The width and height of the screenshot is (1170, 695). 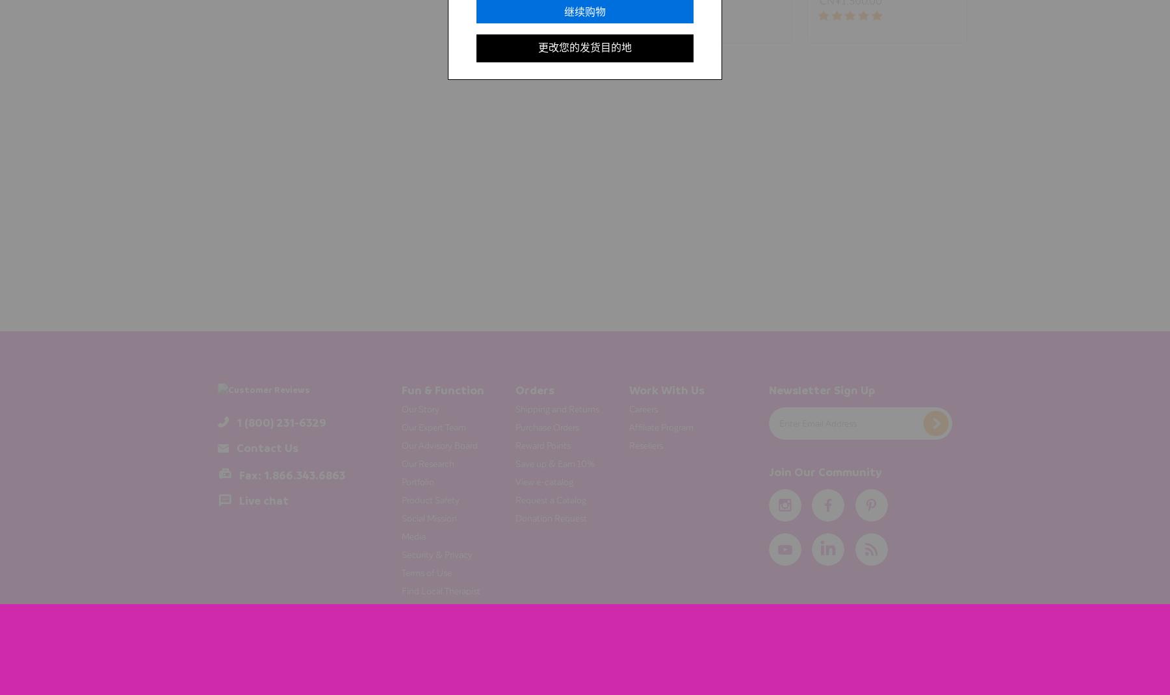 I want to click on 'Work With Us', so click(x=666, y=388).